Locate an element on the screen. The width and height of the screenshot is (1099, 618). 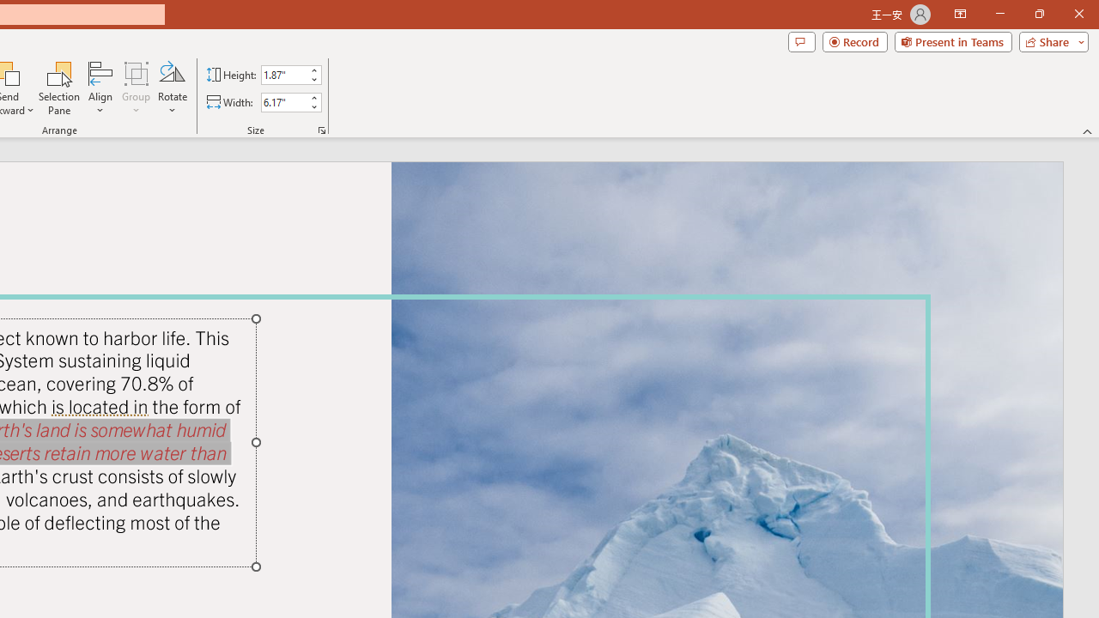
'Minimize' is located at coordinates (999, 14).